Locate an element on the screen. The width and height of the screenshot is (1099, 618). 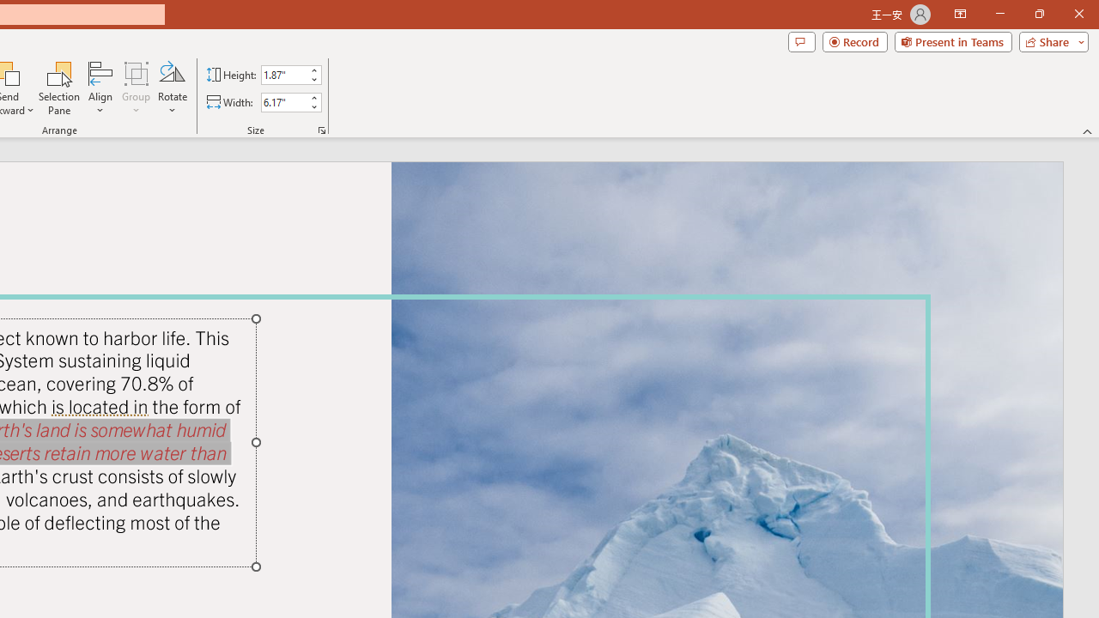
'Minimize' is located at coordinates (999, 14).